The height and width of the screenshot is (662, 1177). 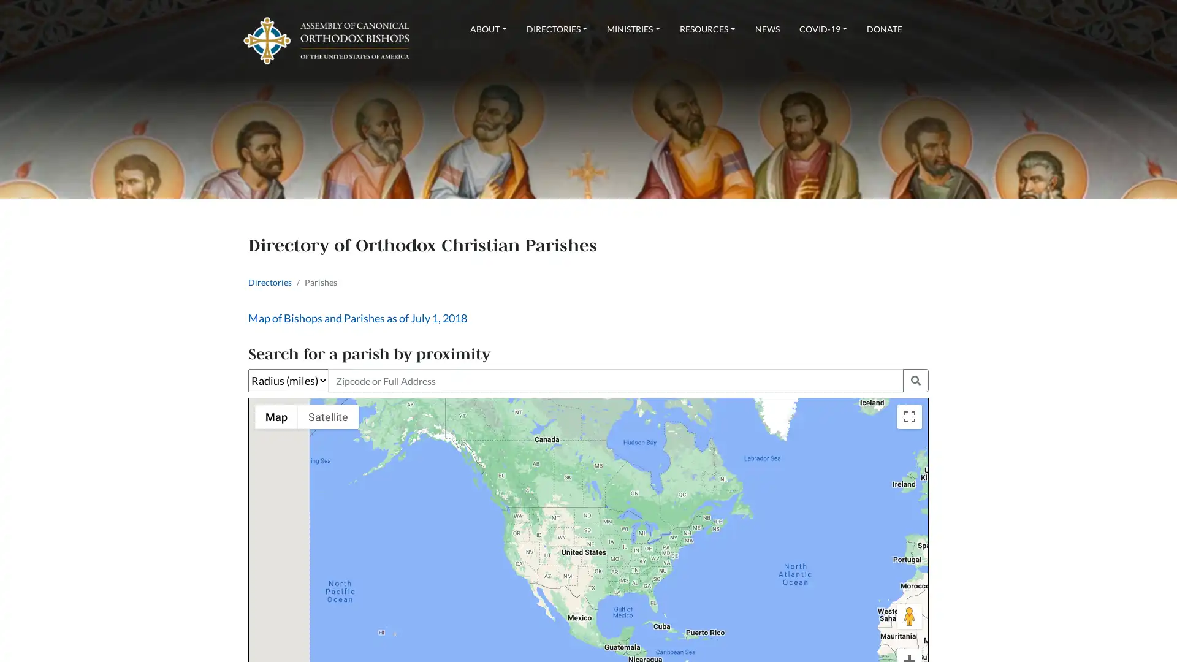 I want to click on Toggle fullscreen view, so click(x=909, y=416).